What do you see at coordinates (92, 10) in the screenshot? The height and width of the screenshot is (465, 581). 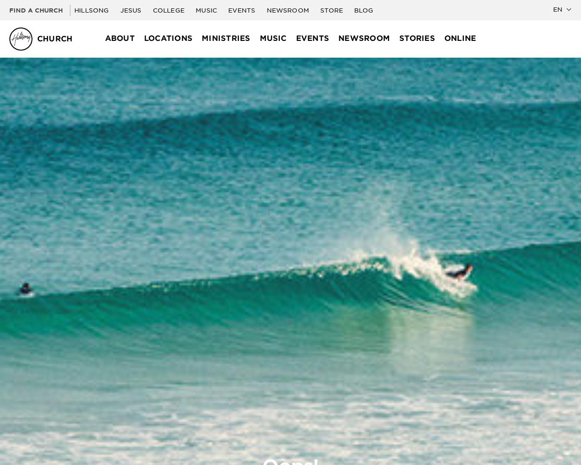 I see `'Hillsong'` at bounding box center [92, 10].